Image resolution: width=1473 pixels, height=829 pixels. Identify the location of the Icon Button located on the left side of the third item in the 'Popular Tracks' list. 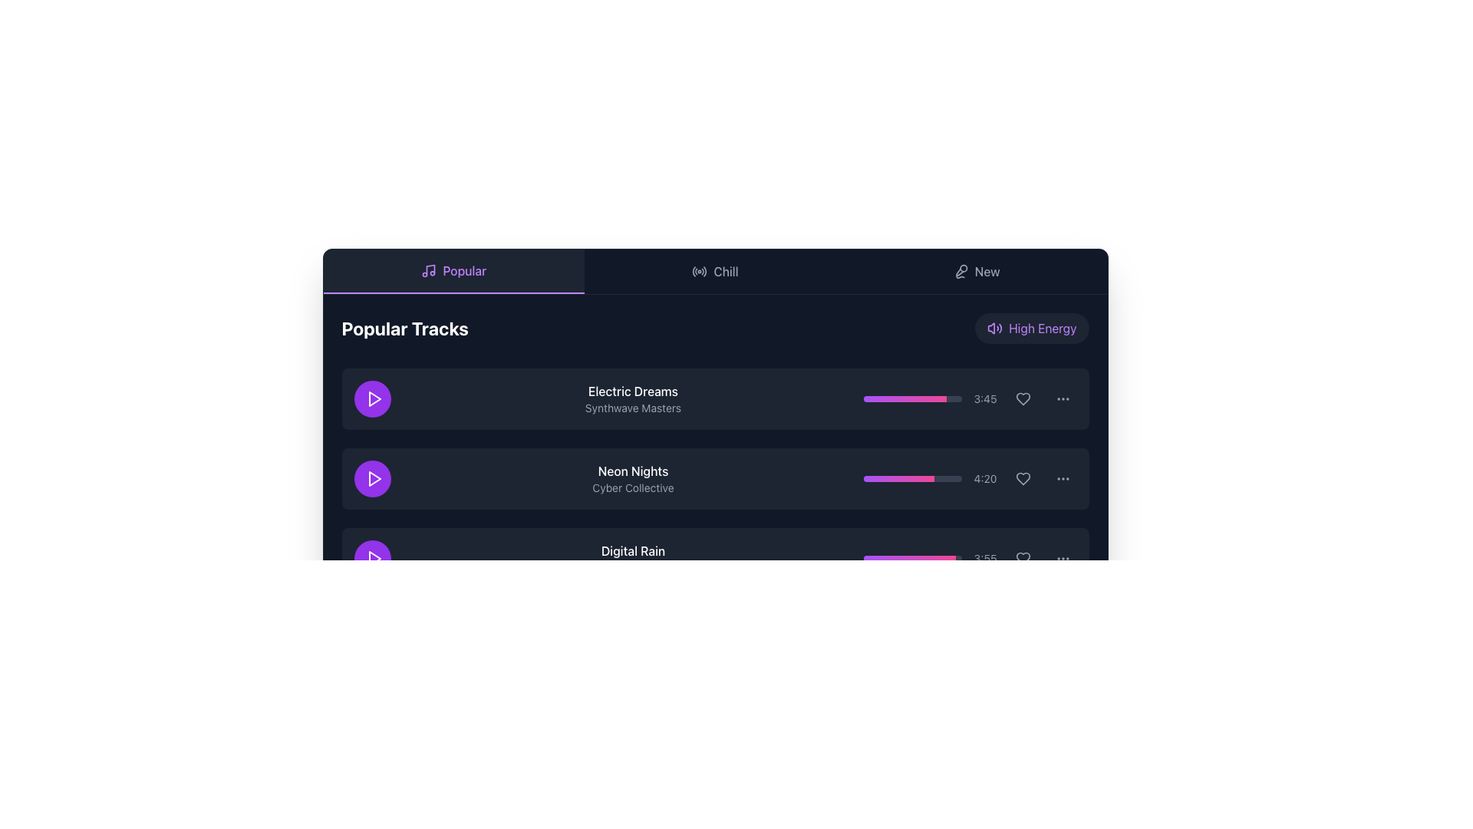
(374, 559).